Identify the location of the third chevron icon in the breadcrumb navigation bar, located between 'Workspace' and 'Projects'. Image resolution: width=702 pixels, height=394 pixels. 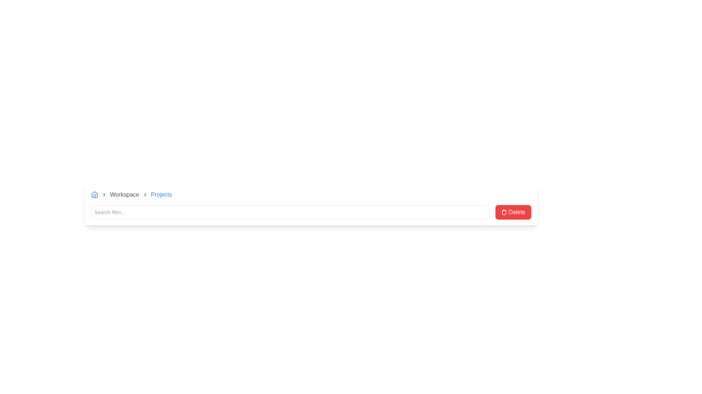
(145, 194).